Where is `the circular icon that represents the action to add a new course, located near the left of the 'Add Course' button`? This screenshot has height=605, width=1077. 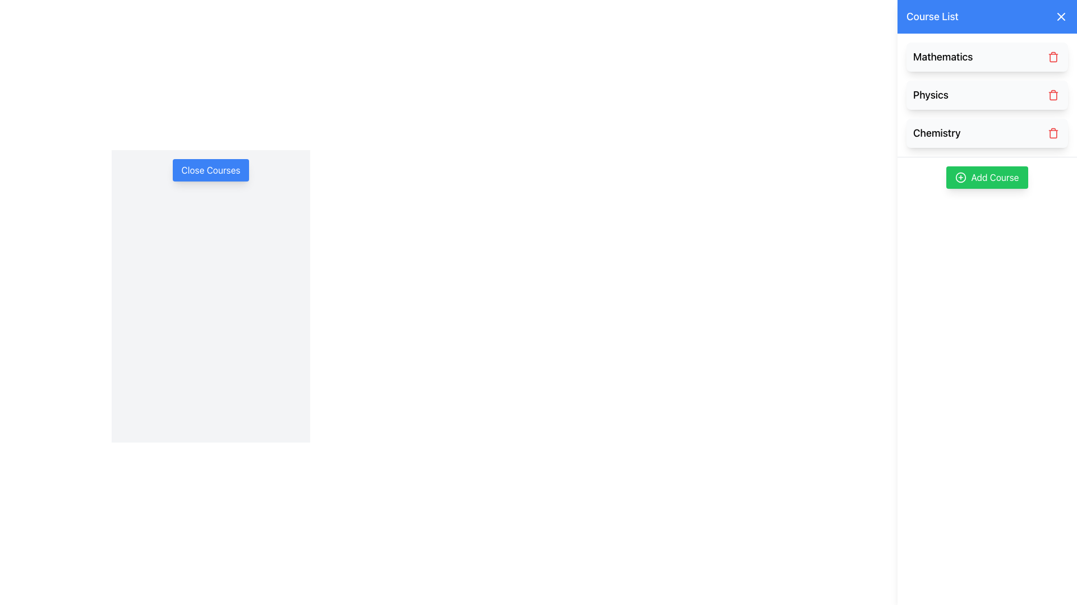 the circular icon that represents the action to add a new course, located near the left of the 'Add Course' button is located at coordinates (960, 176).